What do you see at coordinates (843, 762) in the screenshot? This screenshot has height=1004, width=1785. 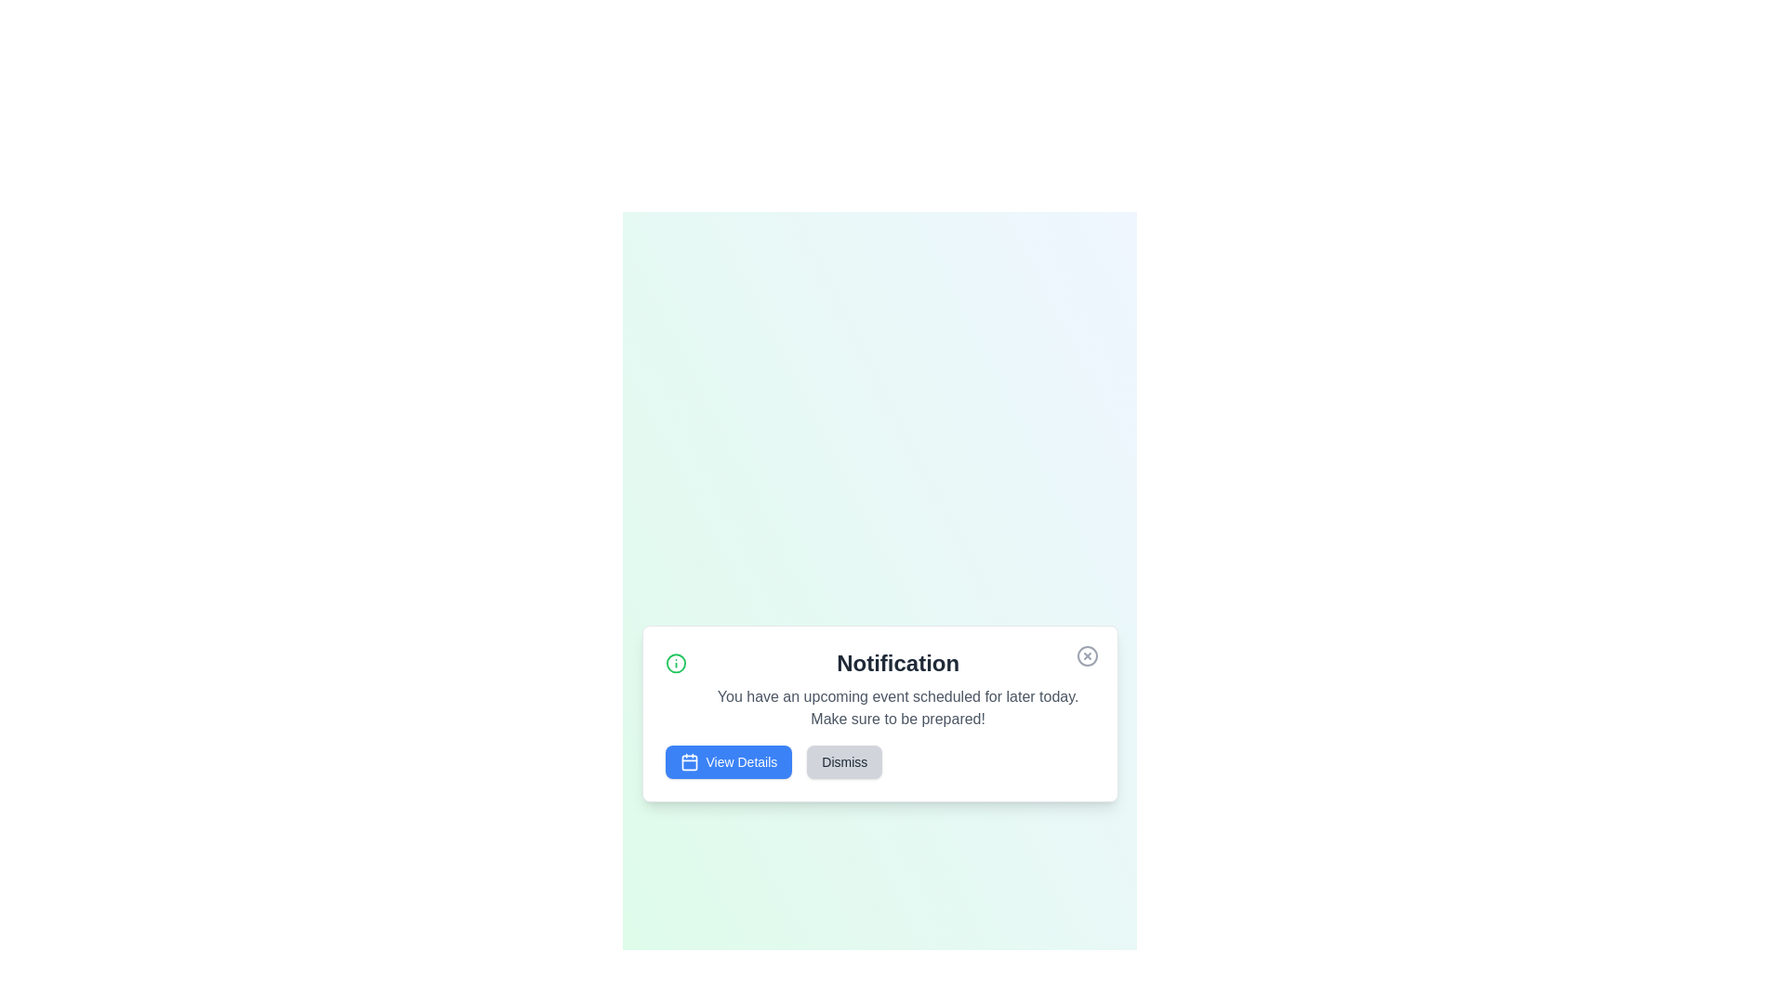 I see `the 'Dismiss' button to close the alert panel` at bounding box center [843, 762].